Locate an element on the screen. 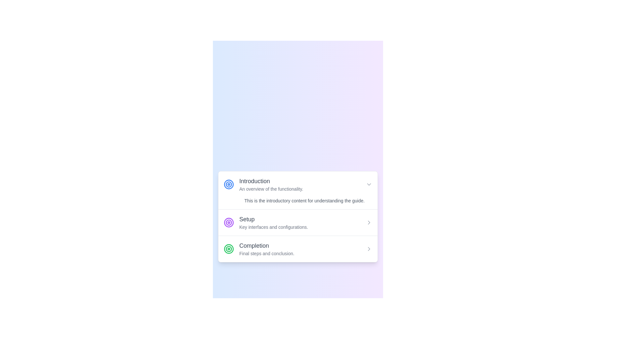  the chevron icon located at the far right of the third section adjacent to the 'Completion' text label is located at coordinates (369, 249).